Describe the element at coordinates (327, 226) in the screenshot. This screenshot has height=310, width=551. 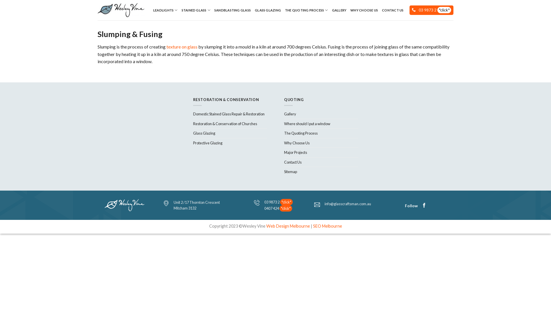
I see `'SEO Melbourne'` at that location.